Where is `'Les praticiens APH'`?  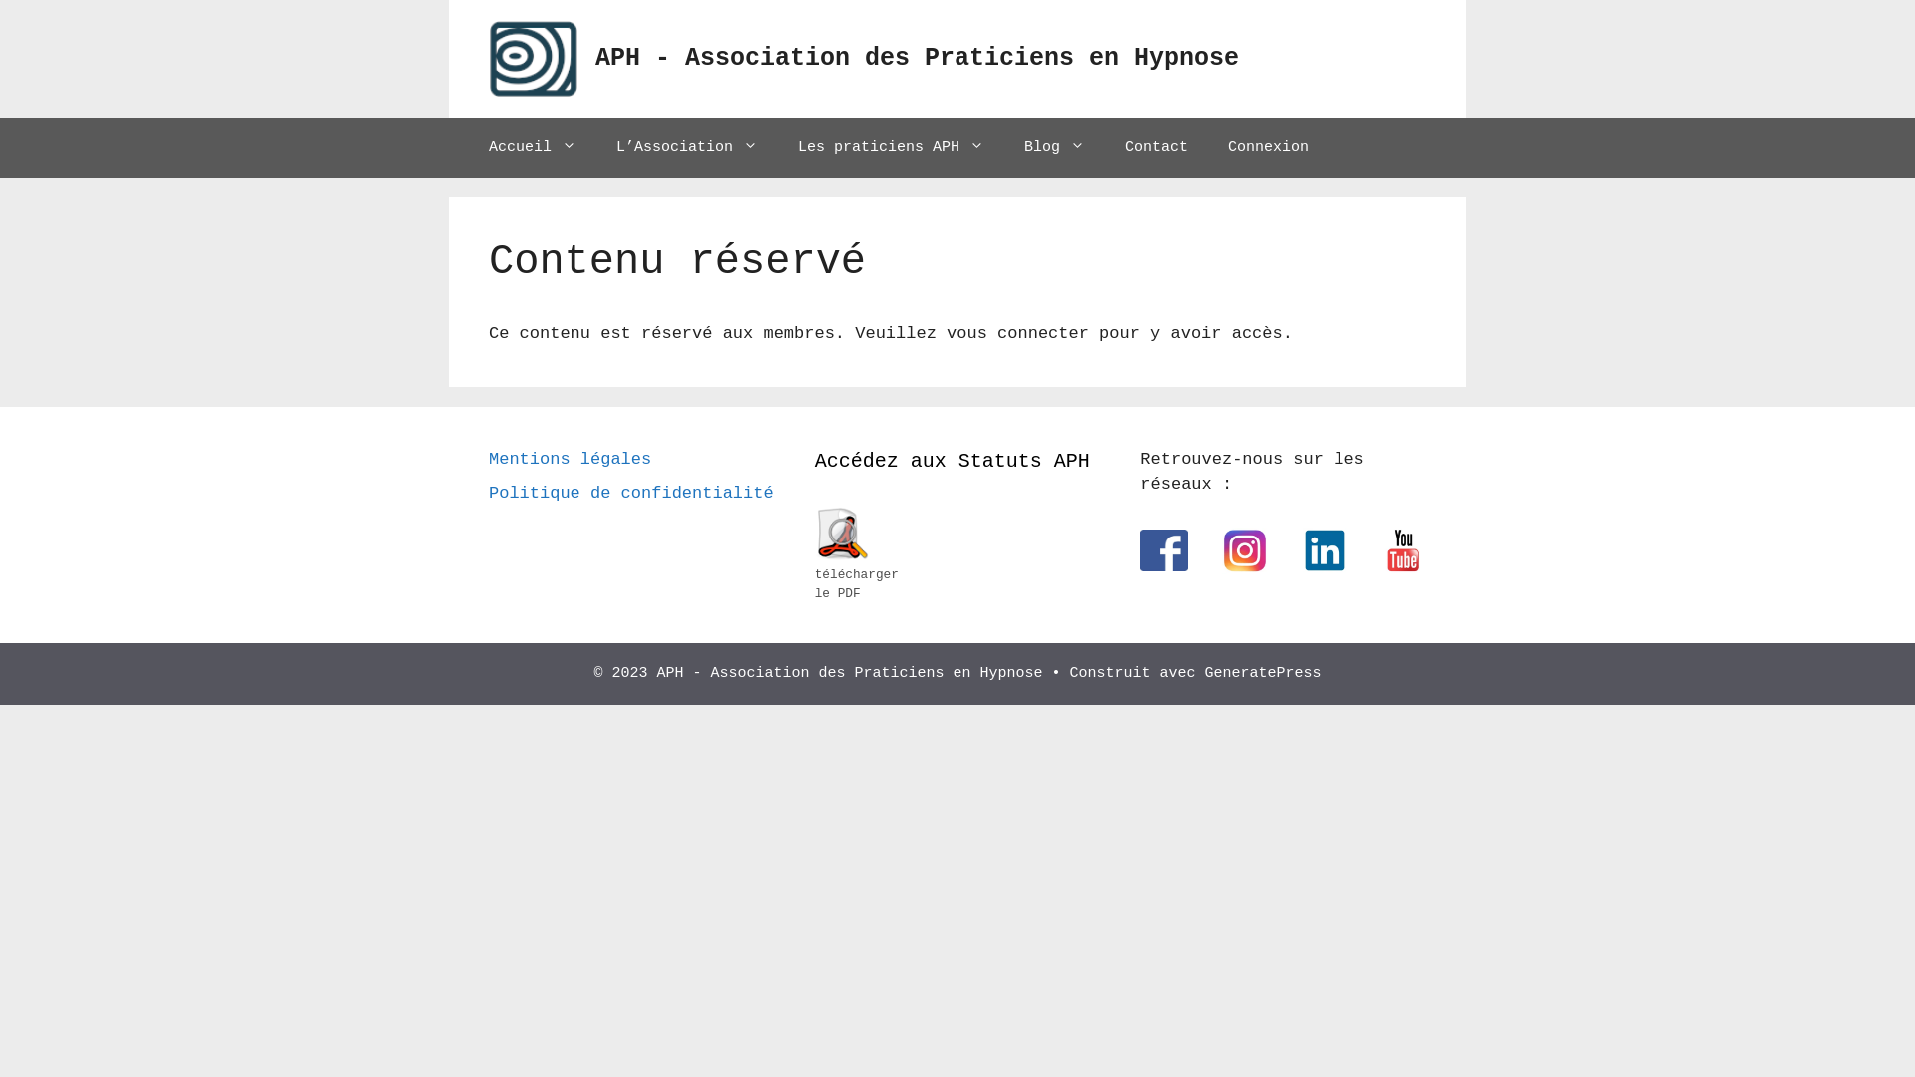
'Les praticiens APH' is located at coordinates (890, 146).